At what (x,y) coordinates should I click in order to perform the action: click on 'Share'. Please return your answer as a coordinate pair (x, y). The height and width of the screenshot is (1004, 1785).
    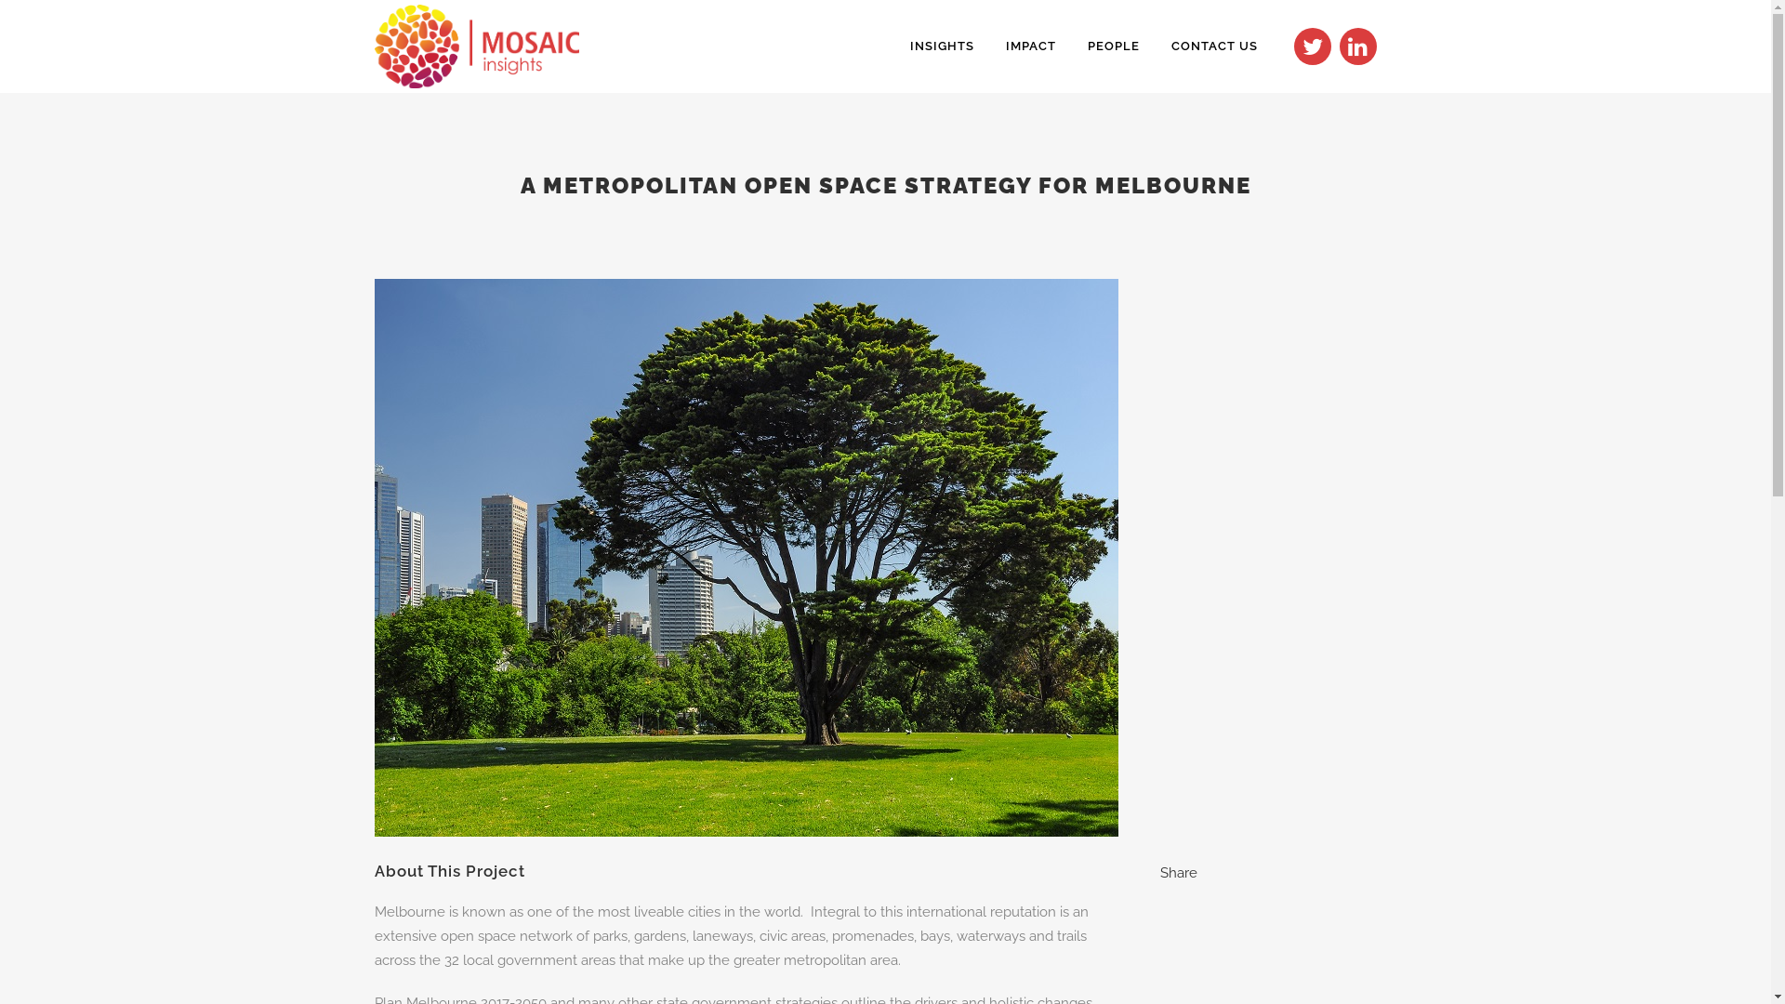
    Looking at the image, I should click on (1177, 872).